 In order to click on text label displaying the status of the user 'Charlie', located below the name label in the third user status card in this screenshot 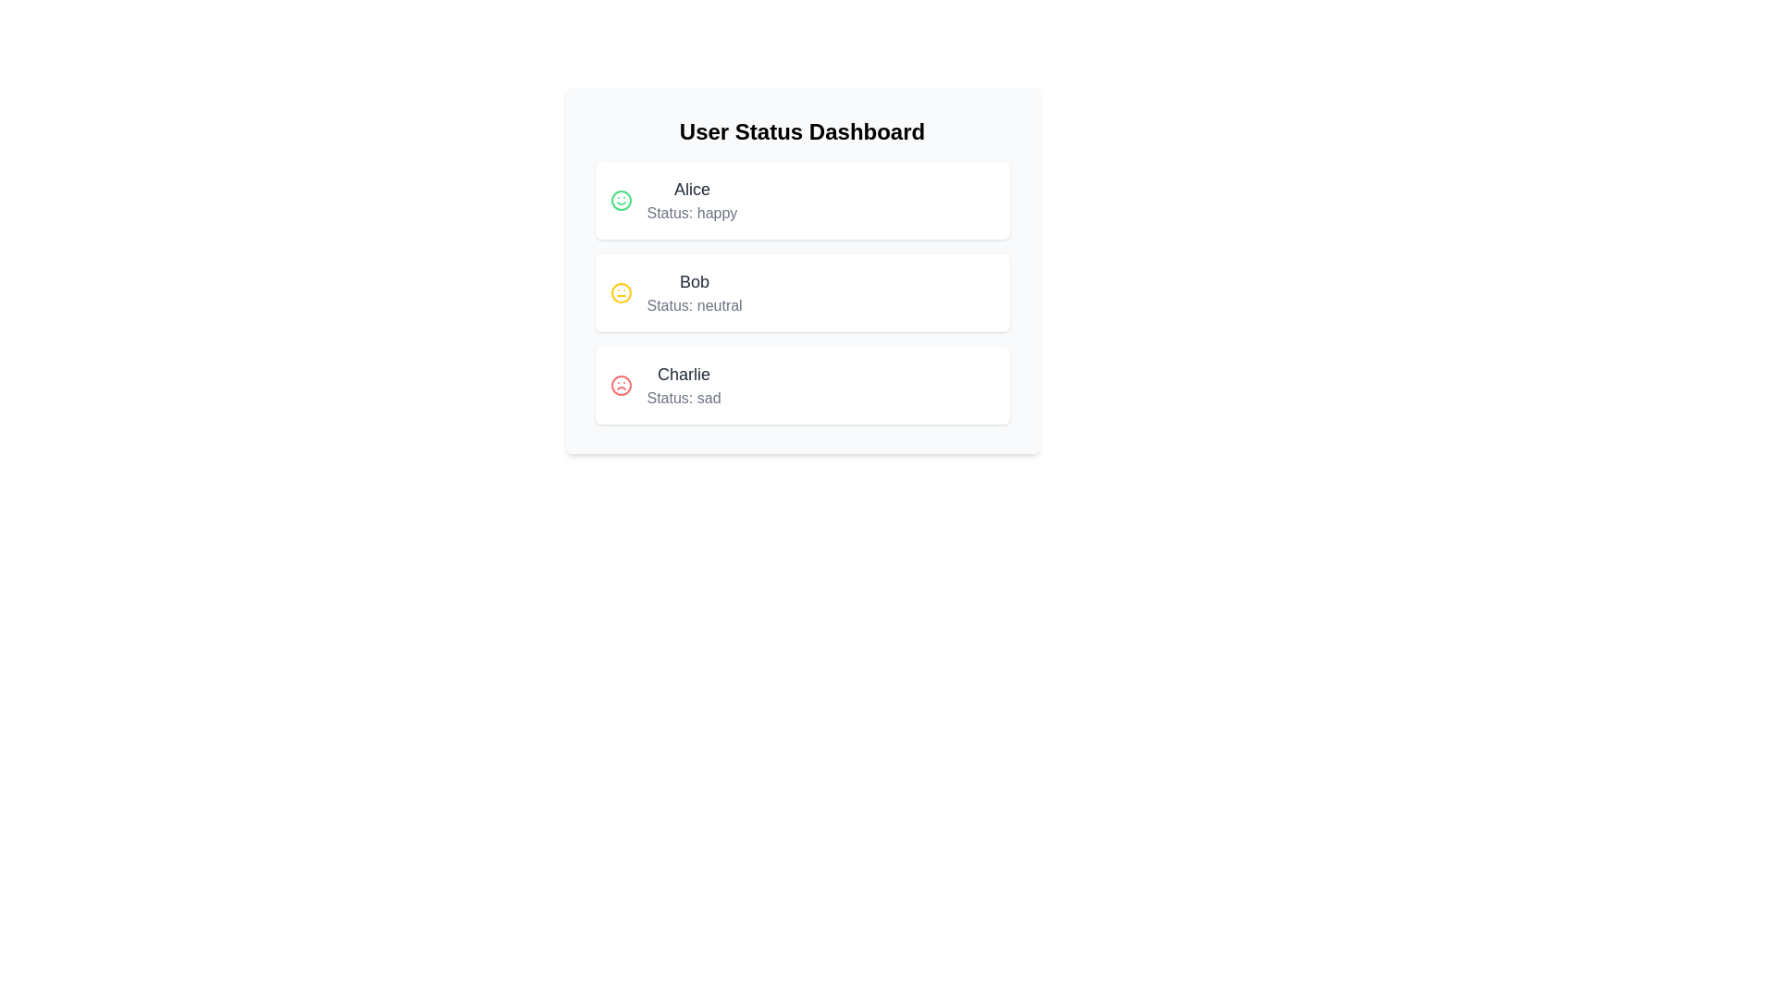, I will do `click(683, 398)`.